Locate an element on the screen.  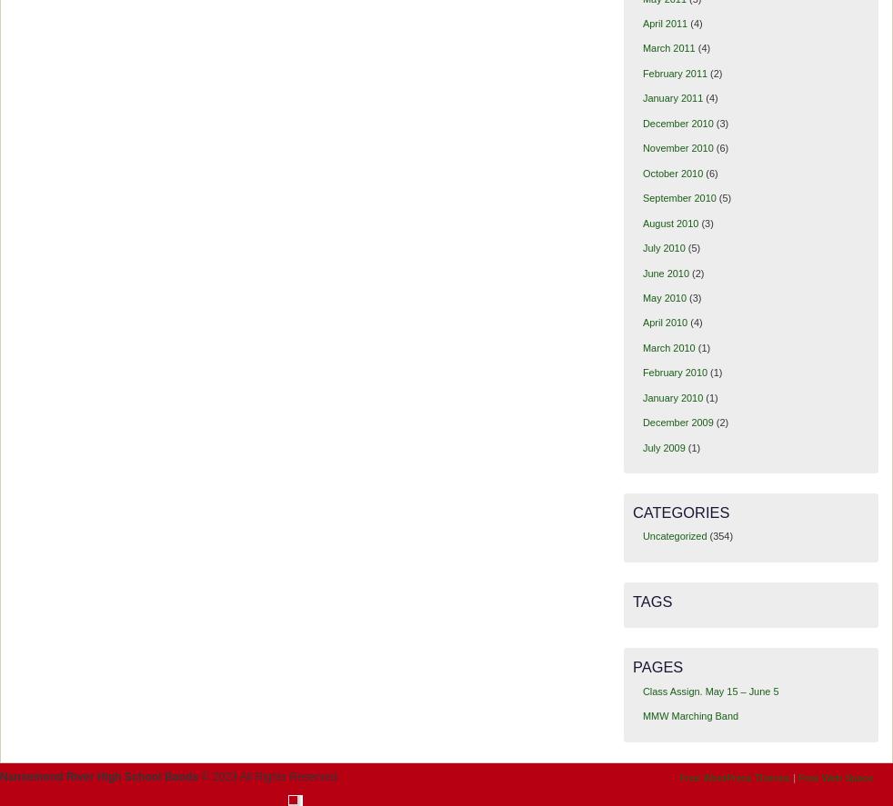
'Uncategorized' is located at coordinates (674, 535).